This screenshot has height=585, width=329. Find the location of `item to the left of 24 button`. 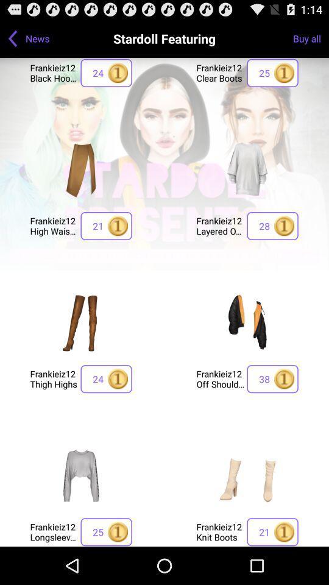

item to the left of 24 button is located at coordinates (53, 378).